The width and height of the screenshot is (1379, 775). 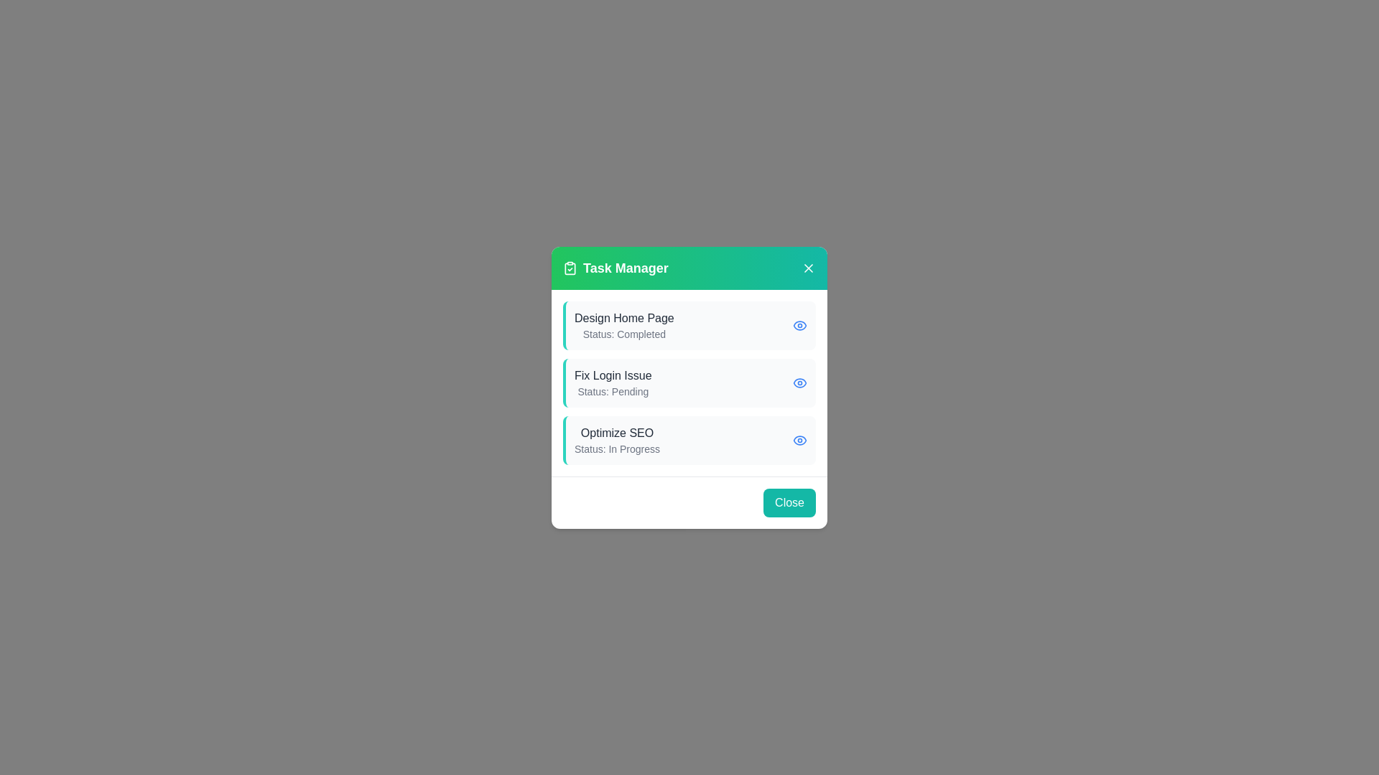 I want to click on the text label reading 'Optimize SEO' located within the third task entry of the 'Task Manager' modal, positioned above the subtext 'Status: In Progress', so click(x=617, y=432).